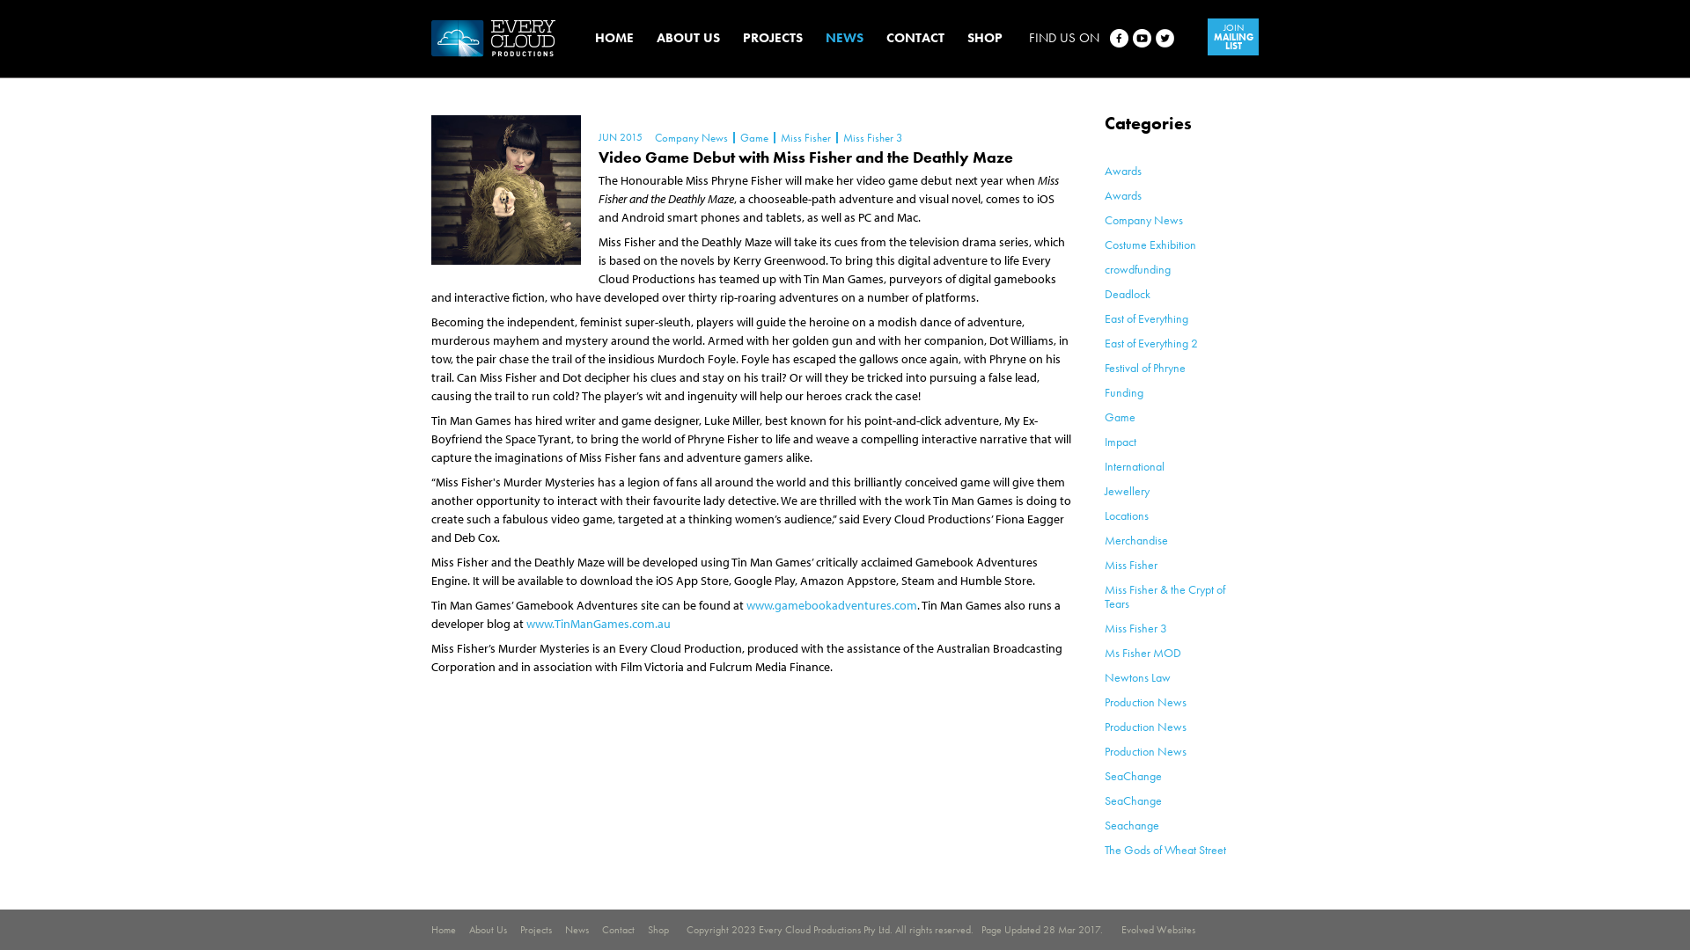  Describe the element at coordinates (1133, 800) in the screenshot. I see `'SeaChange'` at that location.